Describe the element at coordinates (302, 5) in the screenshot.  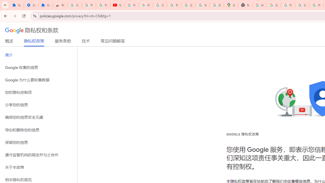
I see `'Sign in - Google Accounts'` at that location.